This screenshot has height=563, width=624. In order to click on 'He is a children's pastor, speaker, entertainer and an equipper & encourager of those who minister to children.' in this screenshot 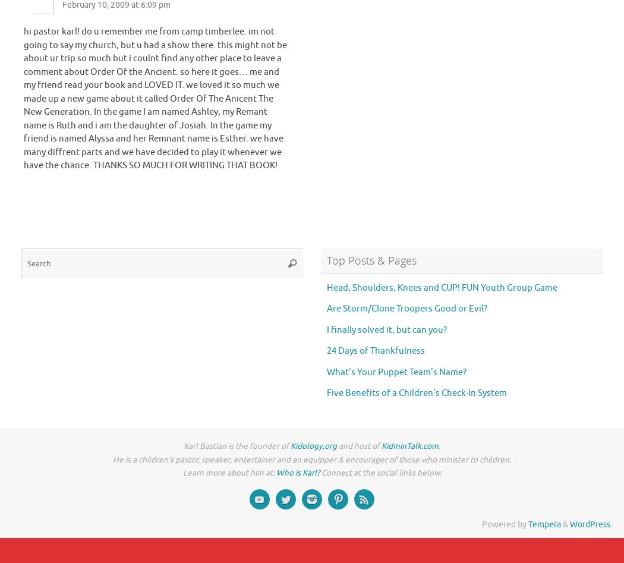, I will do `click(312, 459)`.